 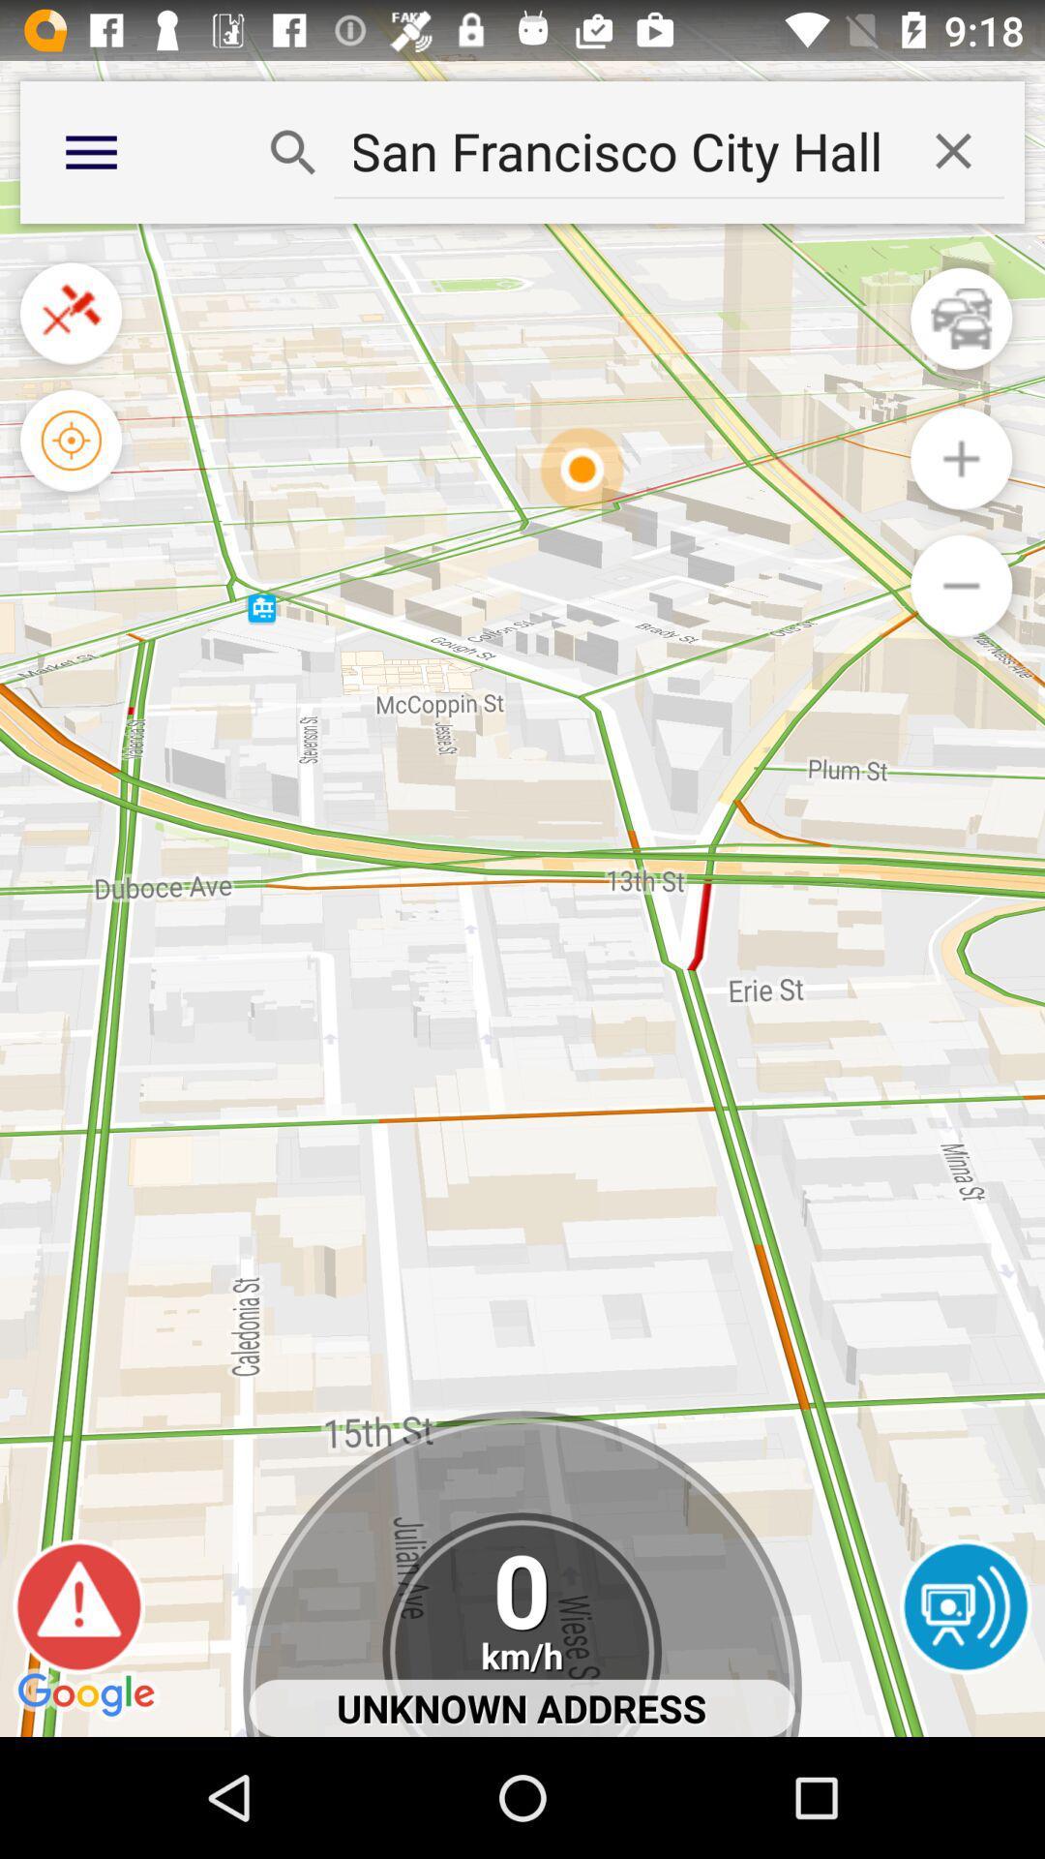 I want to click on the minus icon, so click(x=961, y=626).